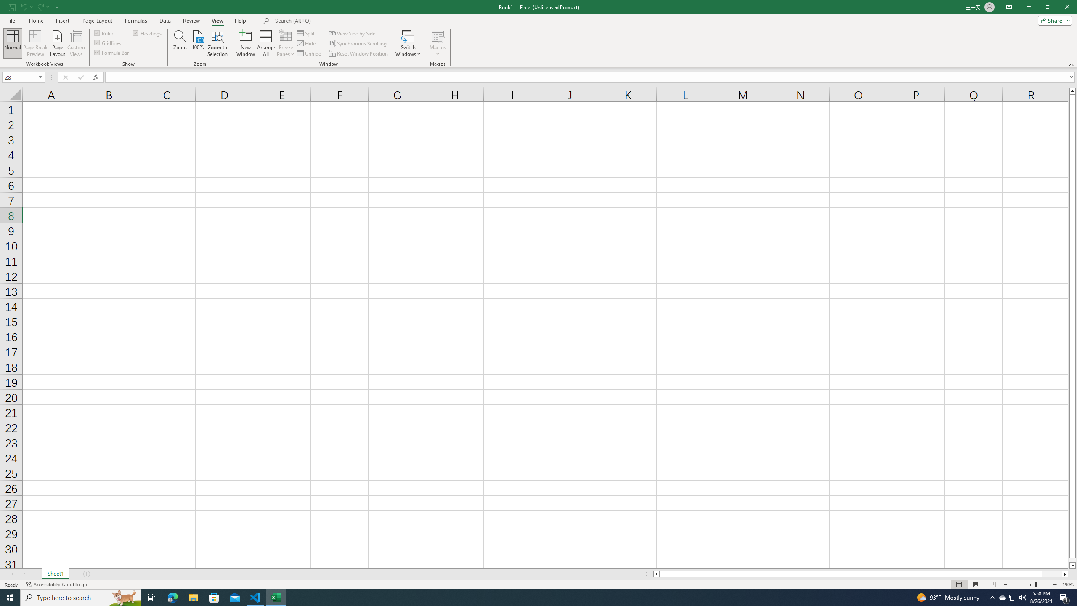 The width and height of the screenshot is (1077, 606). I want to click on 'Freeze Panes', so click(285, 43).